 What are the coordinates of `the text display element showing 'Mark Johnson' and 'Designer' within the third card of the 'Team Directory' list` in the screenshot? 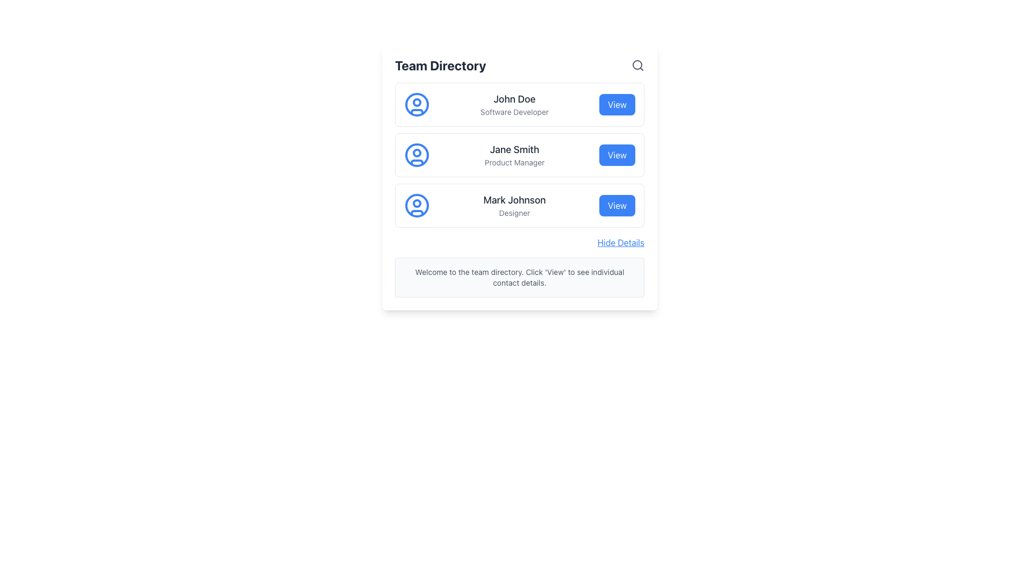 It's located at (514, 205).